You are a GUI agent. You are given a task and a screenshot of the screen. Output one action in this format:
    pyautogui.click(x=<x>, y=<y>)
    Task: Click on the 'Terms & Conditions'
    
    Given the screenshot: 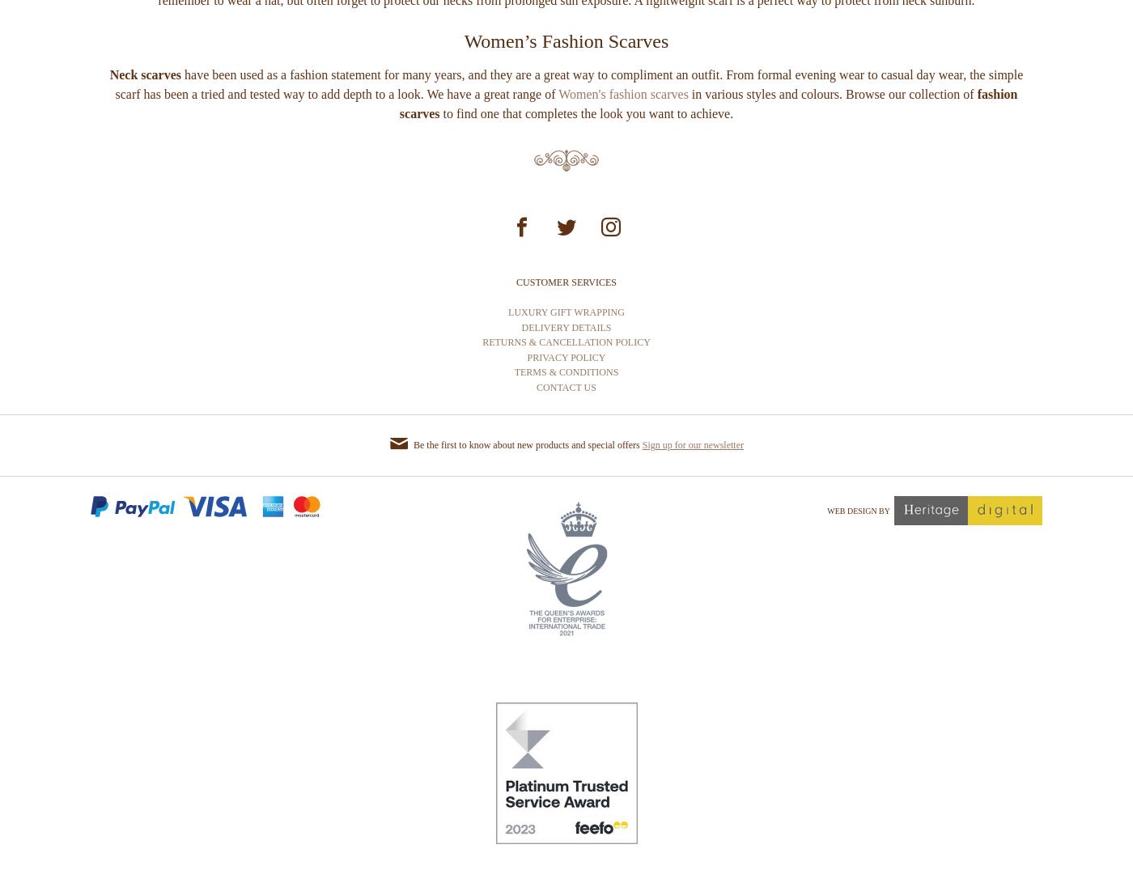 What is the action you would take?
    pyautogui.click(x=566, y=432)
    